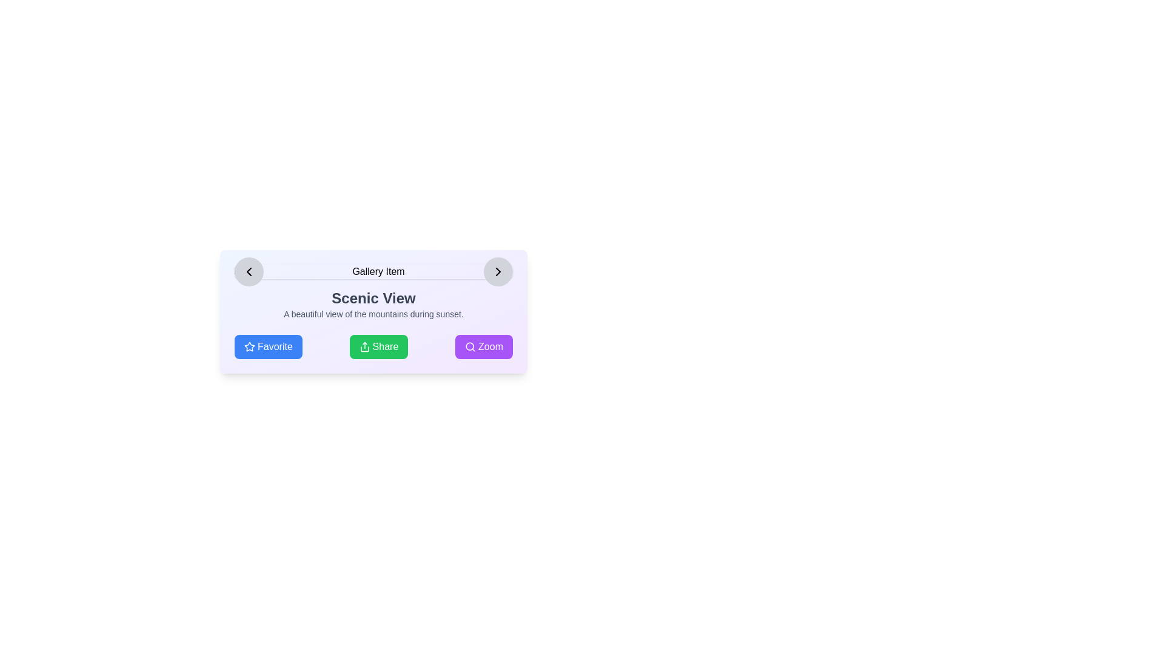  Describe the element at coordinates (378, 347) in the screenshot. I see `the share button located between the 'Favorite' button and the 'Zoom' button` at that location.